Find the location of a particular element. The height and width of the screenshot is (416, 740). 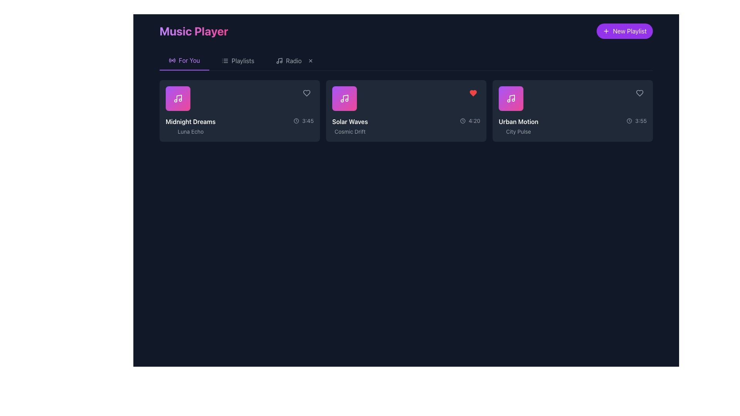

the music track icon located is located at coordinates (511, 98).